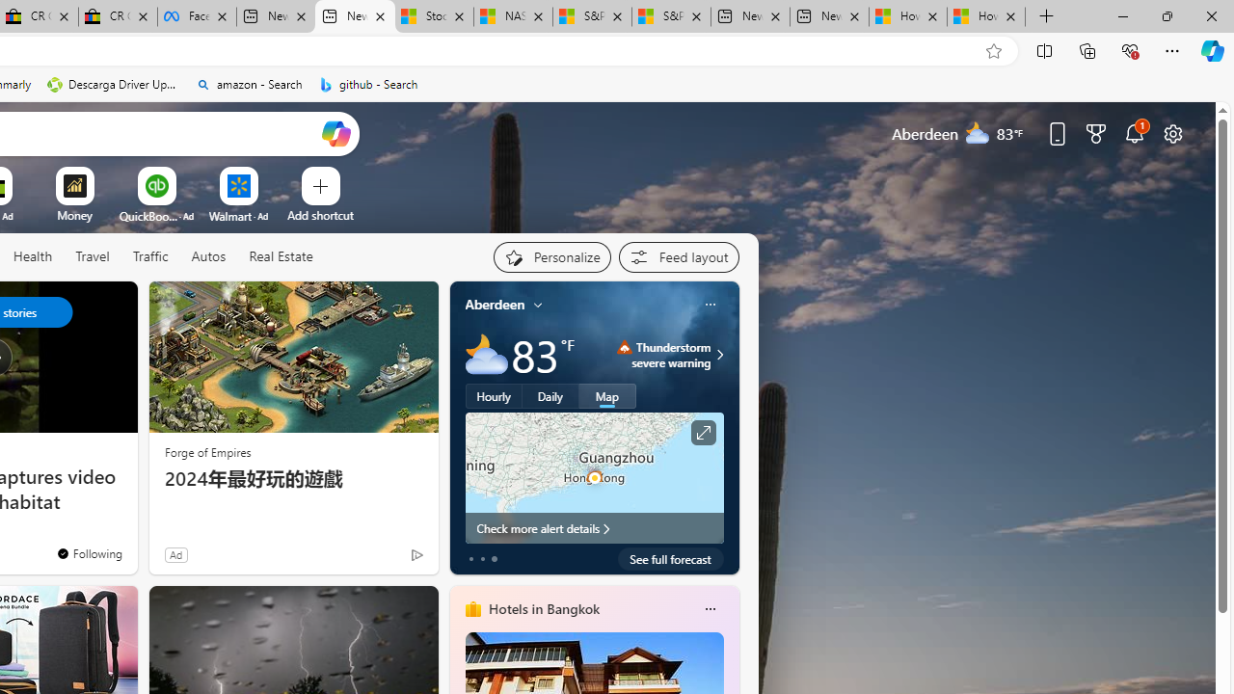  What do you see at coordinates (1096, 132) in the screenshot?
I see `'Microsoft rewards'` at bounding box center [1096, 132].